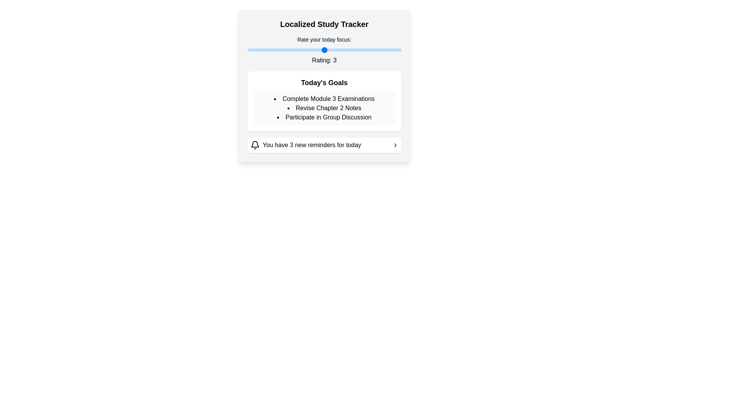 The image size is (740, 416). Describe the element at coordinates (324, 108) in the screenshot. I see `the second item in the bulleted list titled 'Today's Goals', which instructs the user to revise chapter 2 notes` at that location.